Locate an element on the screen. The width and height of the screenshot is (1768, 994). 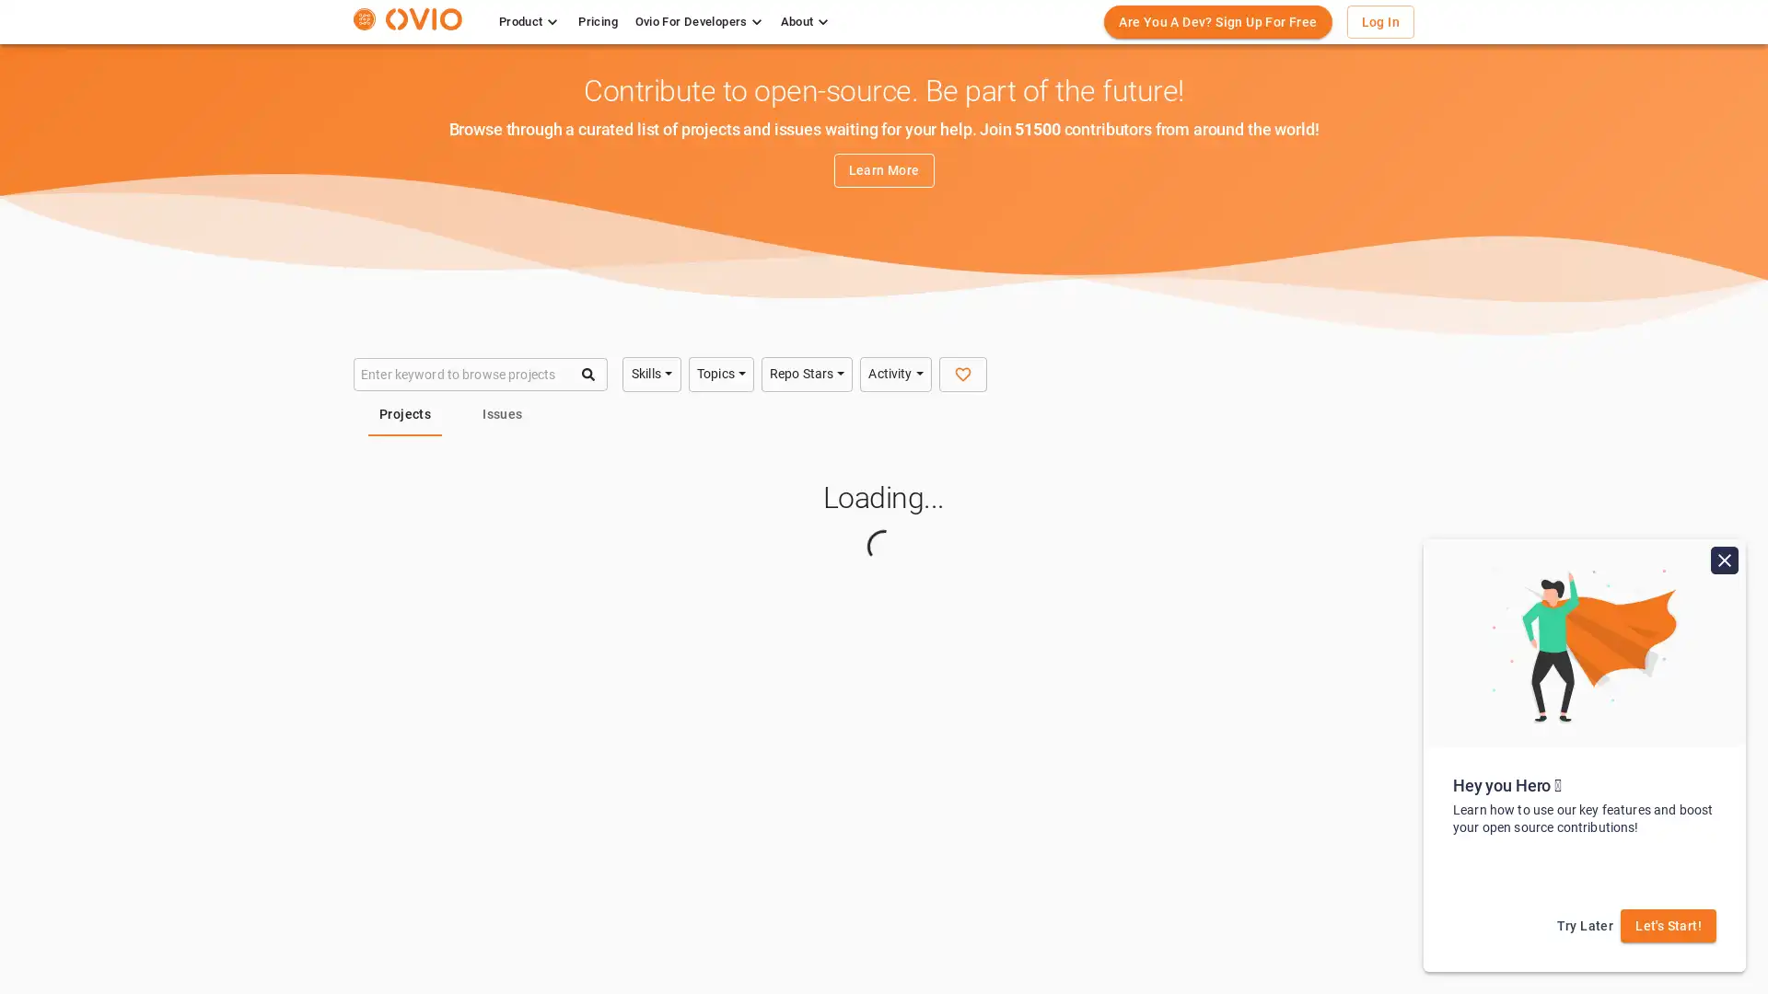
Are You A Dev? Sign Up For Free is located at coordinates (1217, 21).